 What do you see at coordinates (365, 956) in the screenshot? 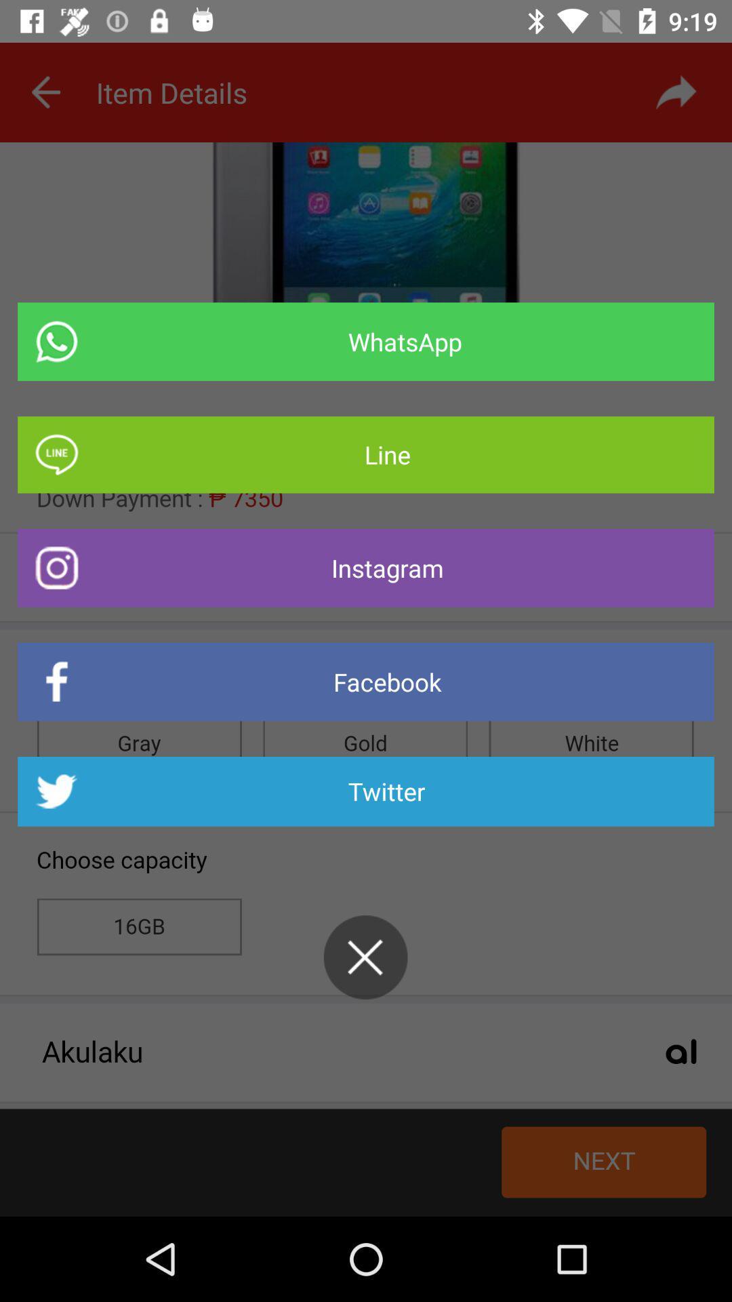
I see `exit out` at bounding box center [365, 956].